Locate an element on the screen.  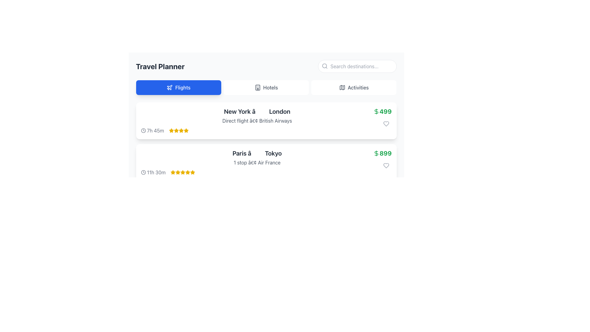
the static text component indicating the duration of the flight located beneath the 'Paris to Tokyo' information block is located at coordinates (156, 172).